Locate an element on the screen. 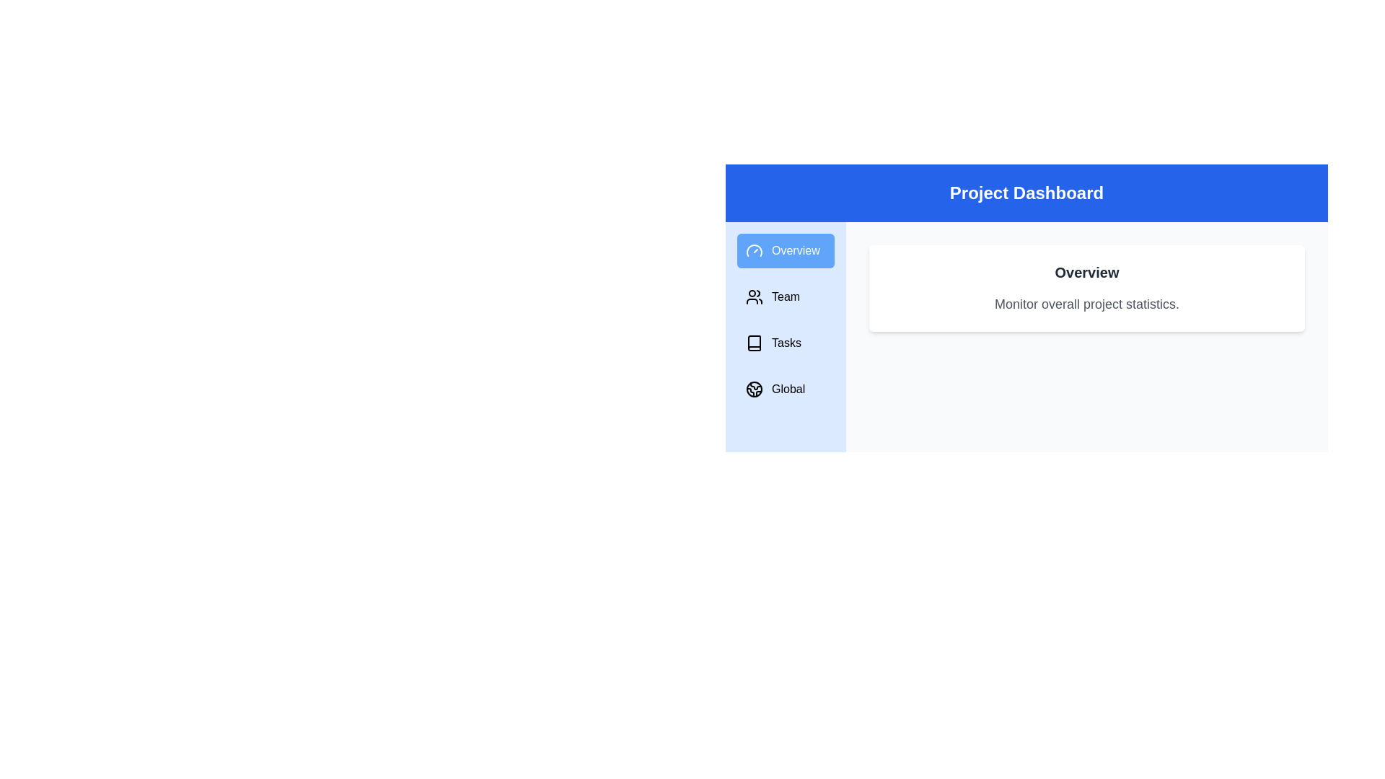  the Team tab in the sidebar navigation menu is located at coordinates (785, 296).